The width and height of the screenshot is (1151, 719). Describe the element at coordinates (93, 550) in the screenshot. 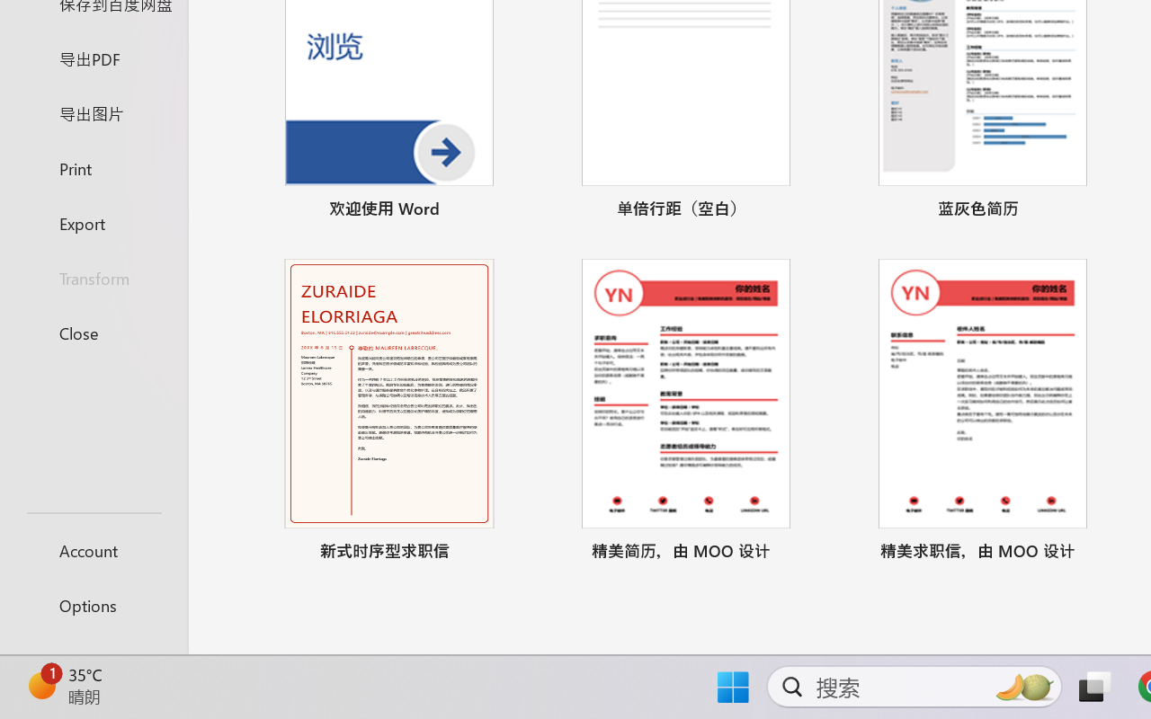

I see `'Account'` at that location.